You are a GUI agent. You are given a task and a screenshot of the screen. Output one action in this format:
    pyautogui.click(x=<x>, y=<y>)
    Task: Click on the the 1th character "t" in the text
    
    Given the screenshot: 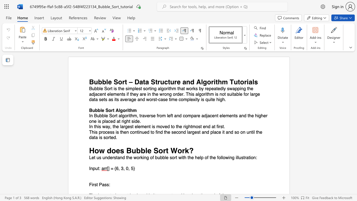 What is the action you would take?
    pyautogui.click(x=167, y=150)
    